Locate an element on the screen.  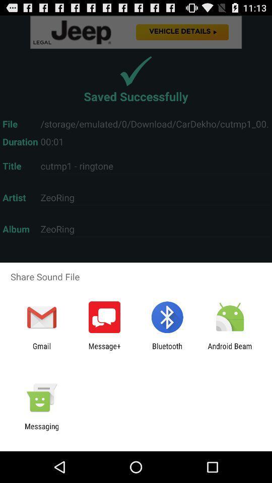
the item to the left of android beam app is located at coordinates (167, 350).